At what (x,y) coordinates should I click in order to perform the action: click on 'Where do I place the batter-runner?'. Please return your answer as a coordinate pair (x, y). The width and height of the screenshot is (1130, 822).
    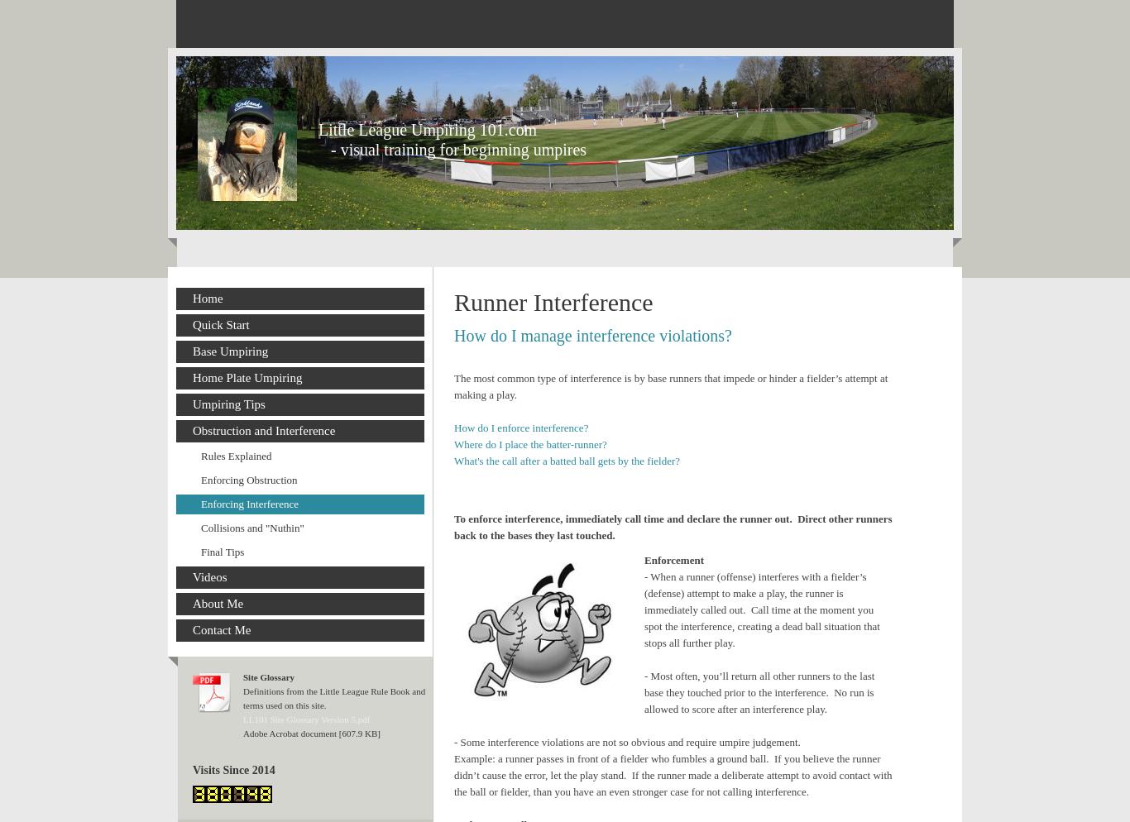
    Looking at the image, I should click on (529, 443).